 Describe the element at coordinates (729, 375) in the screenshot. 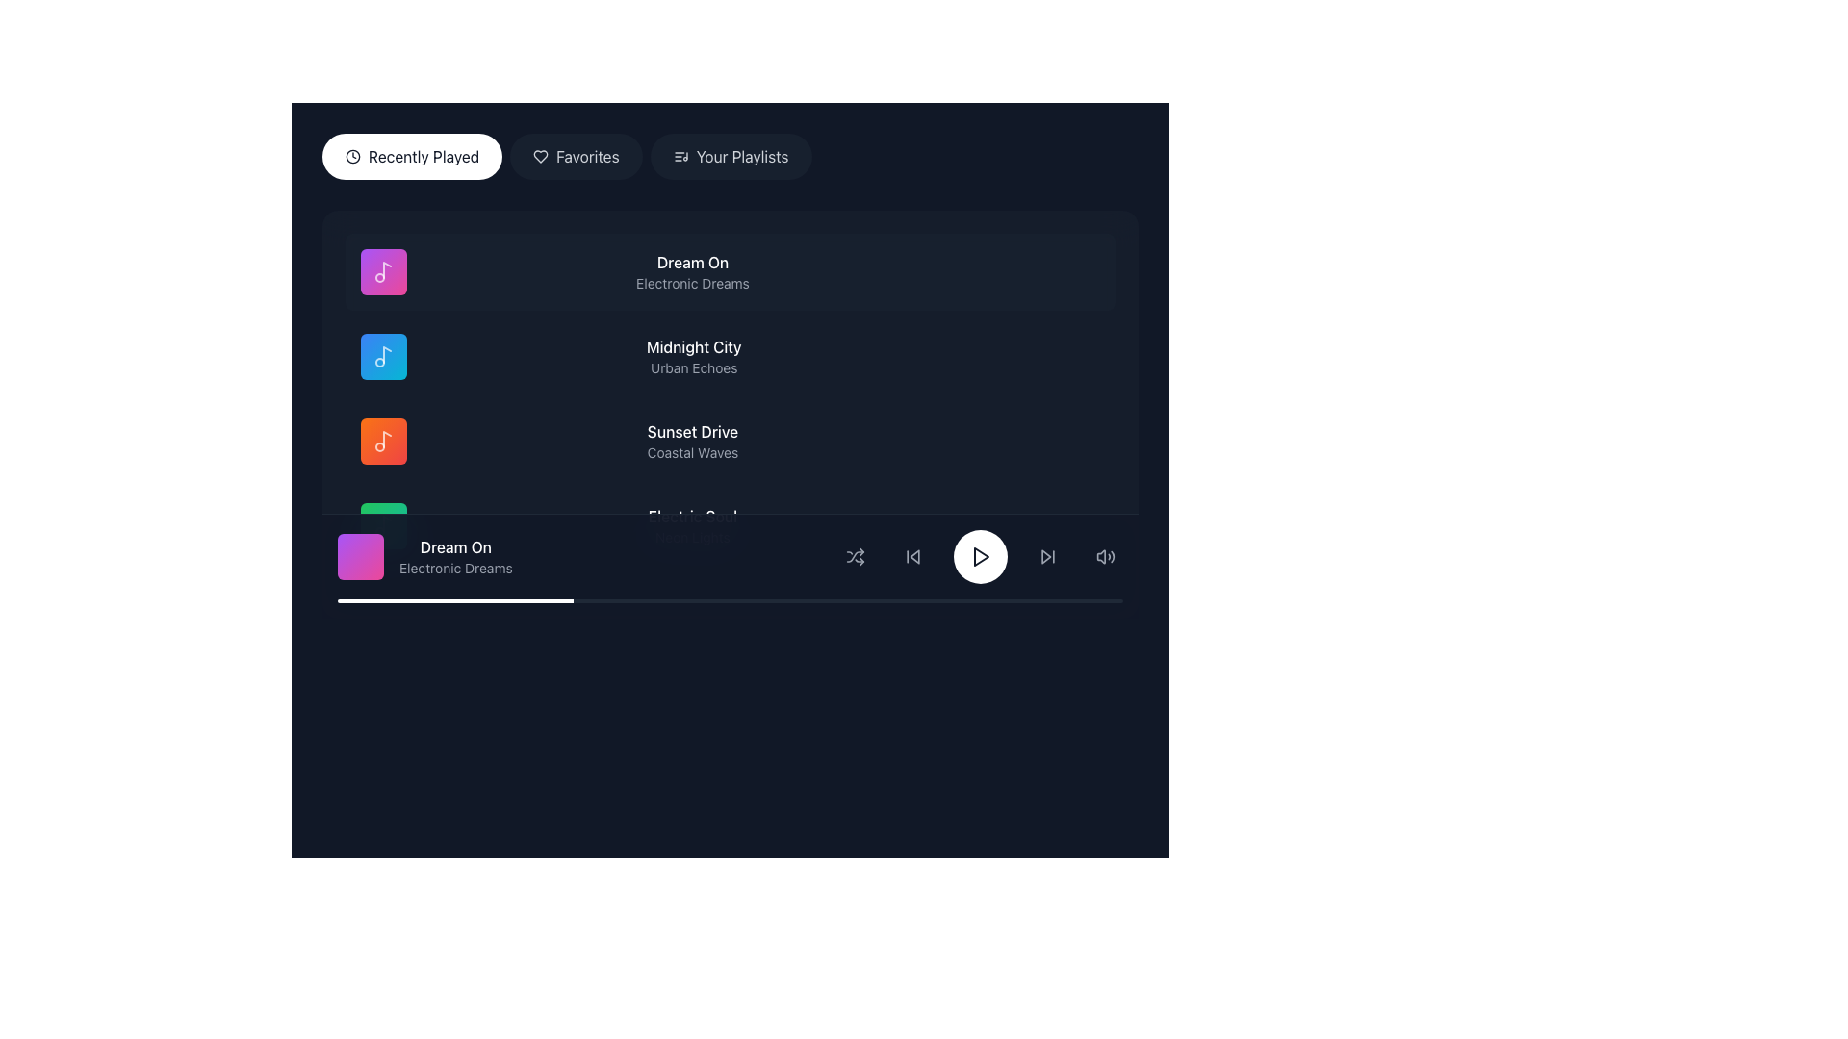

I see `the music entry list item for 'Midnight City'` at that location.